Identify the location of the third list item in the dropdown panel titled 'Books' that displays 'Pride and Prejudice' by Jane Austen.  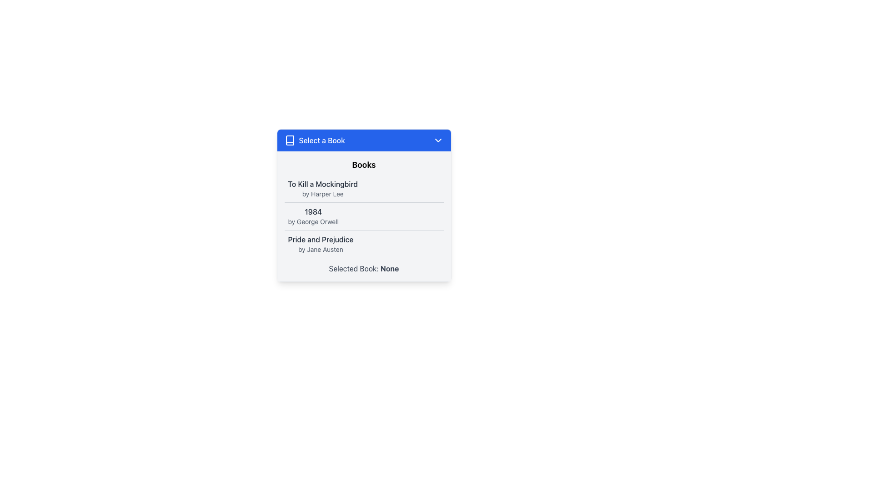
(321, 243).